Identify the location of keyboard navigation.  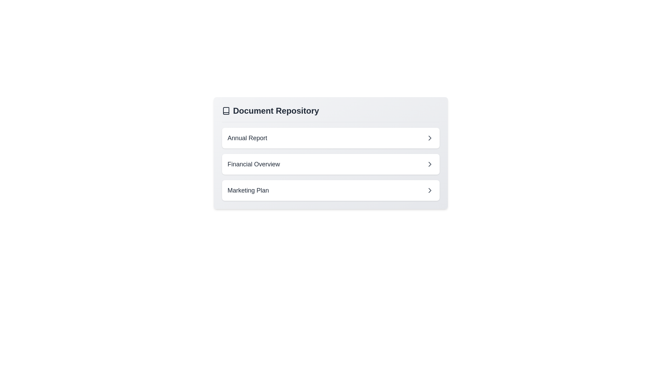
(330, 190).